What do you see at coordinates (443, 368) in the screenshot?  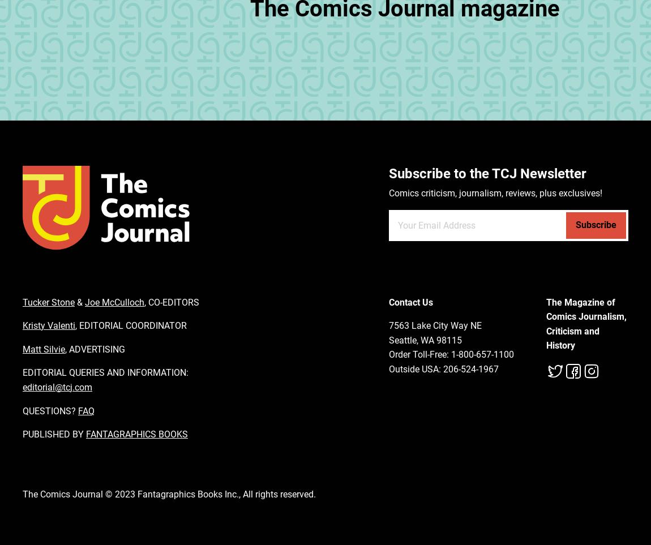 I see `'Outside USA: 206-524-1967'` at bounding box center [443, 368].